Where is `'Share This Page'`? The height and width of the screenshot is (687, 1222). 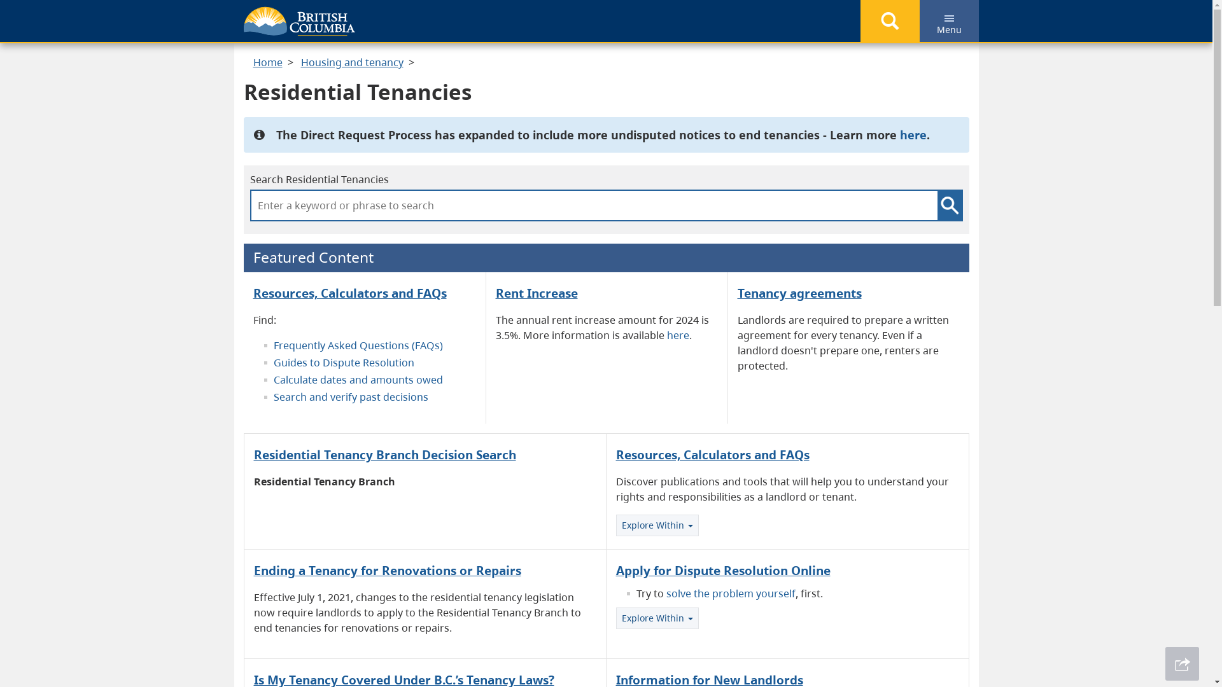 'Share This Page' is located at coordinates (1181, 663).